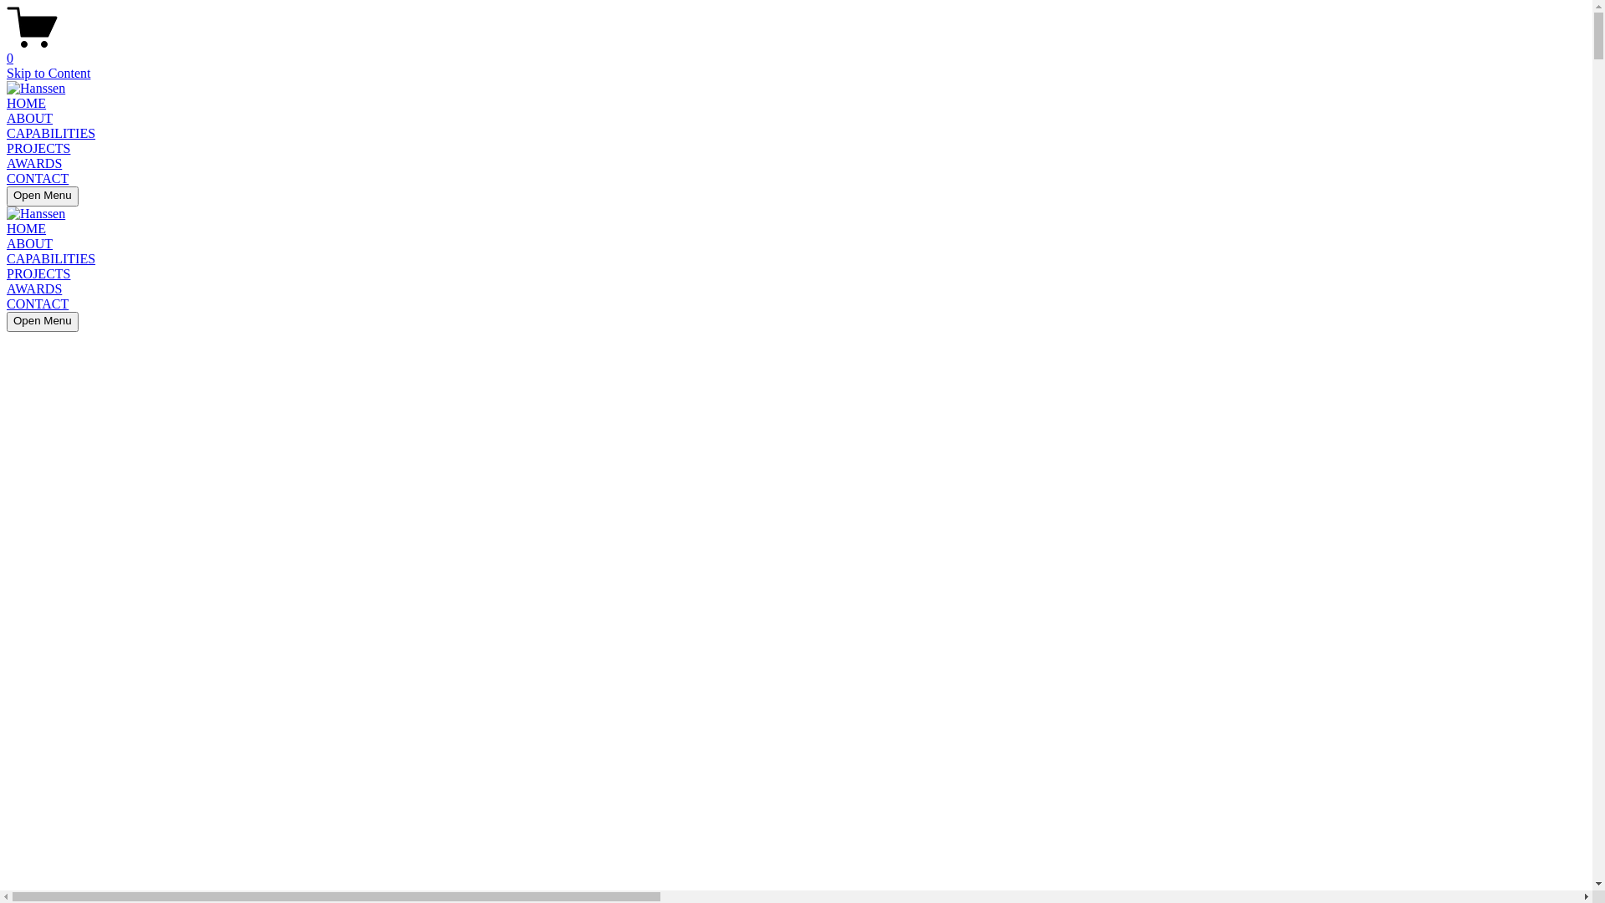 The width and height of the screenshot is (1605, 903). What do you see at coordinates (26, 103) in the screenshot?
I see `'HOME'` at bounding box center [26, 103].